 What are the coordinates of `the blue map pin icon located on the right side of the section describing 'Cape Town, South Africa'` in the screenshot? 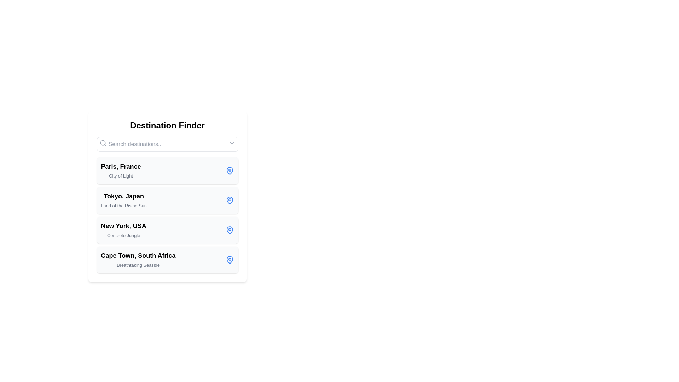 It's located at (230, 260).